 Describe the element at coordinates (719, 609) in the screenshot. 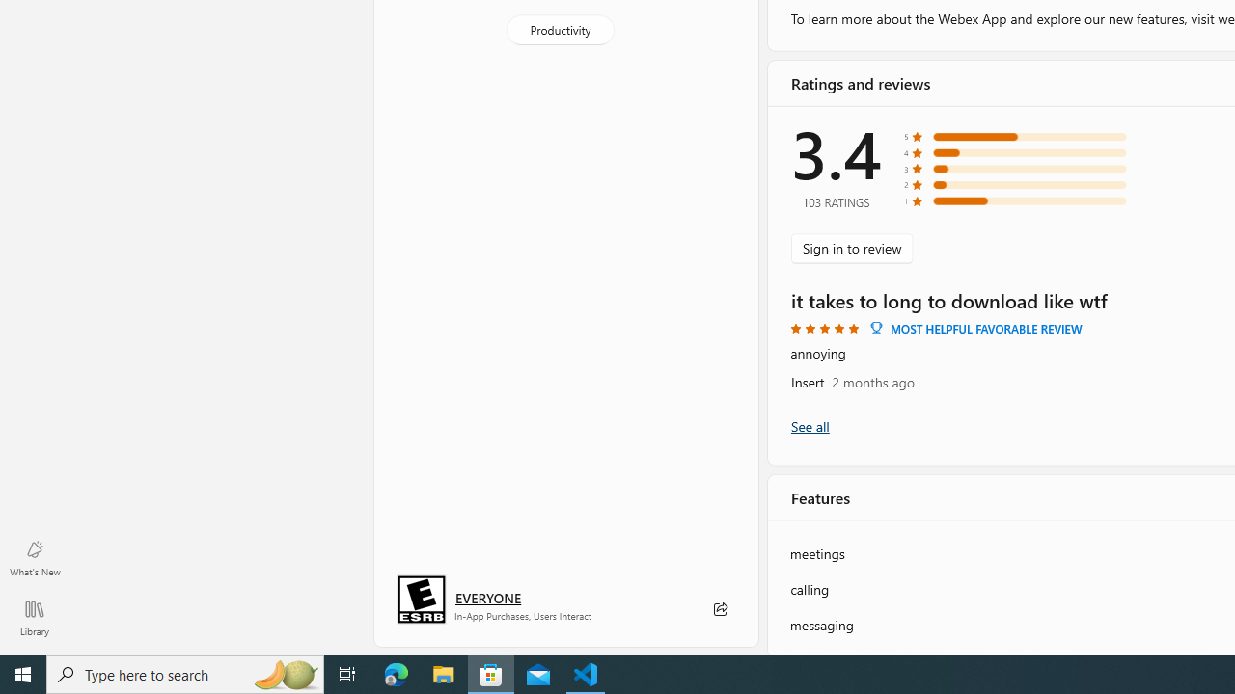

I see `'Share'` at that location.